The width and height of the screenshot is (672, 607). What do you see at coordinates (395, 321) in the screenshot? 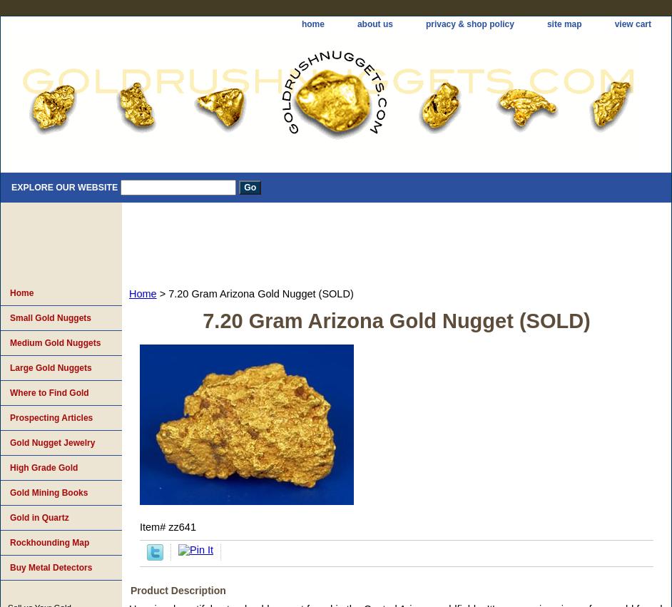
I see `'7.20 Gram Arizona Gold Nugget (SOLD)'` at bounding box center [395, 321].